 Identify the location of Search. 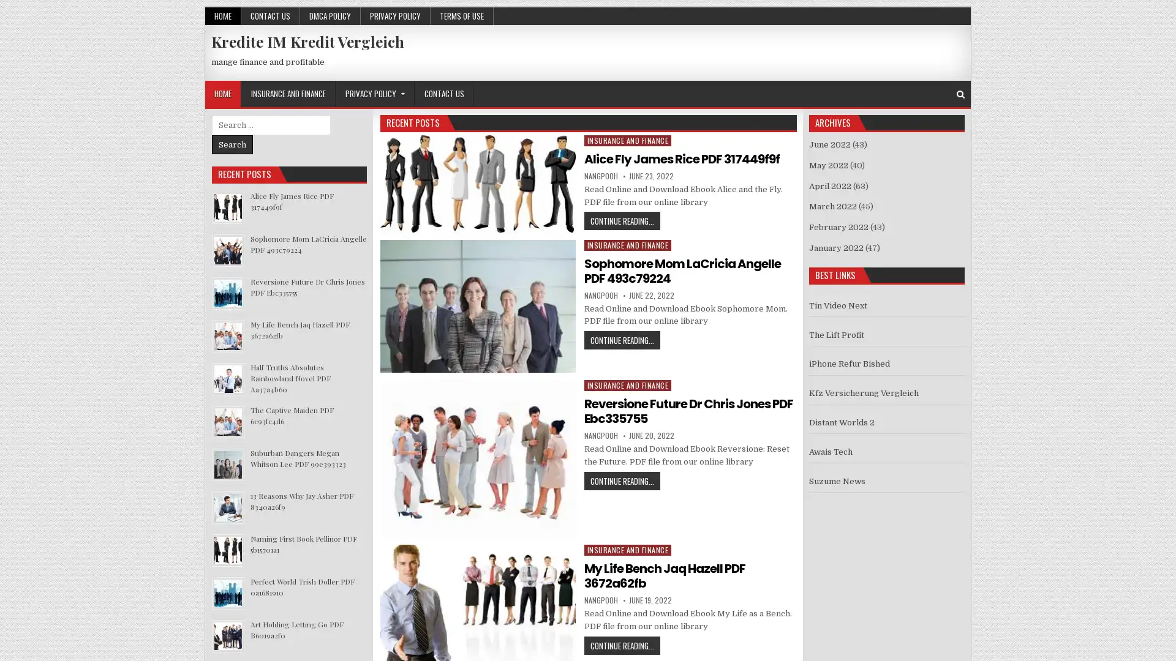
(232, 144).